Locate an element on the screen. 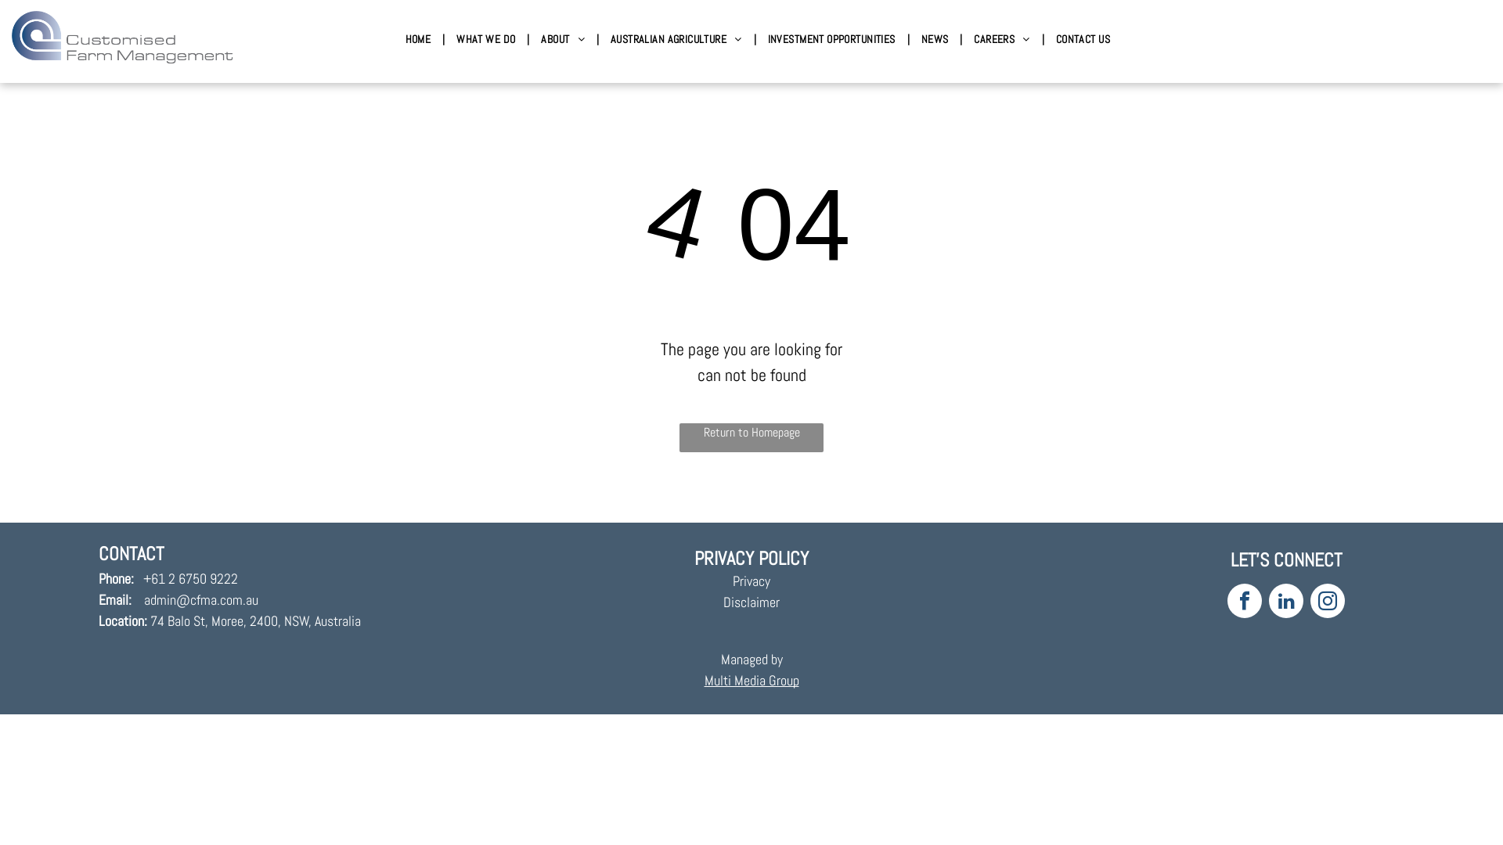 This screenshot has width=1503, height=845. 'CAREERS' is located at coordinates (1000, 39).